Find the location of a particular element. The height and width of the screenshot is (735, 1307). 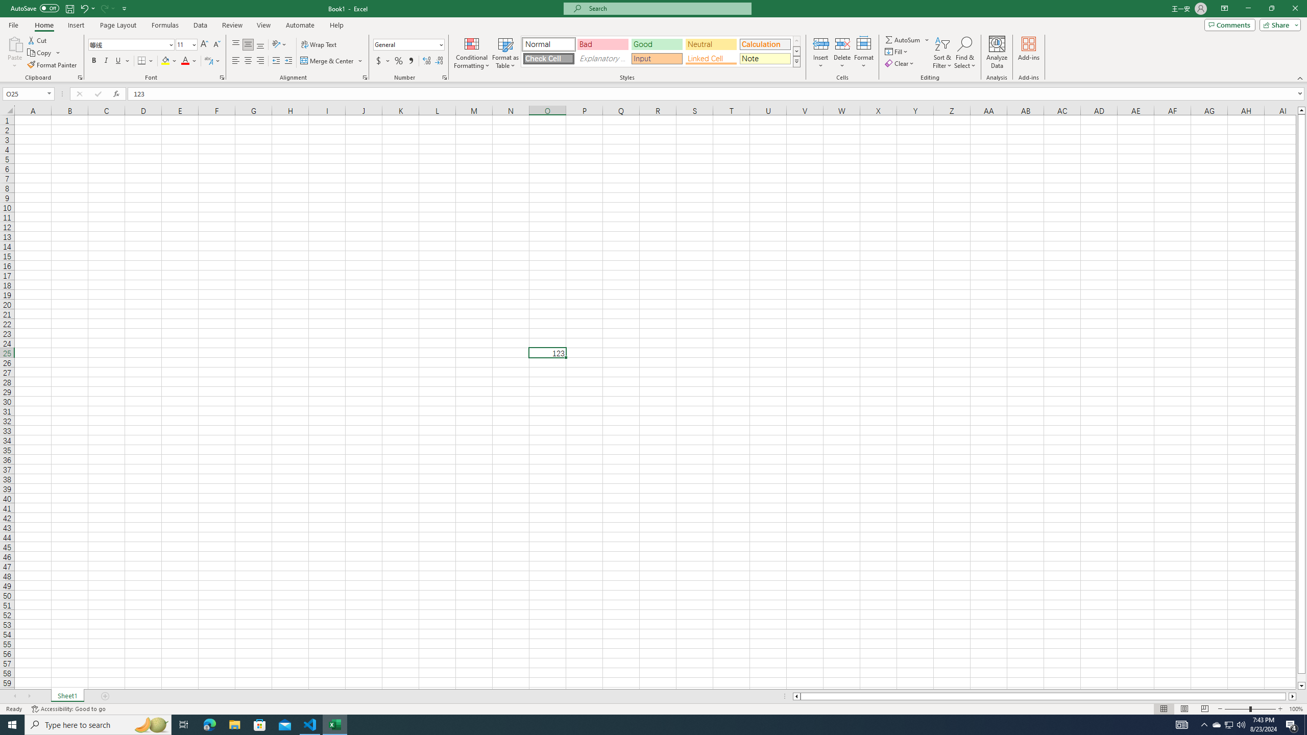

'Conditional Formatting' is located at coordinates (472, 53).